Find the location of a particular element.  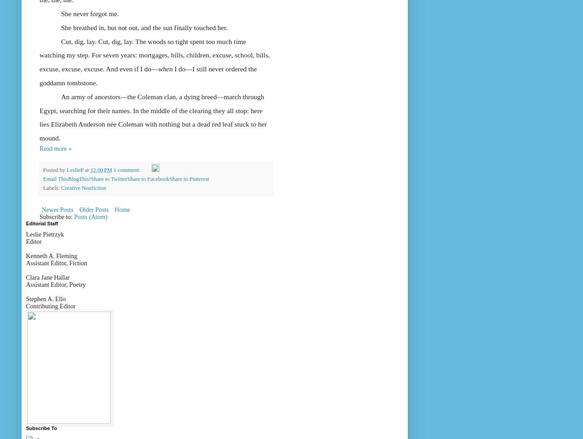

'Newer Posts' is located at coordinates (57, 209).